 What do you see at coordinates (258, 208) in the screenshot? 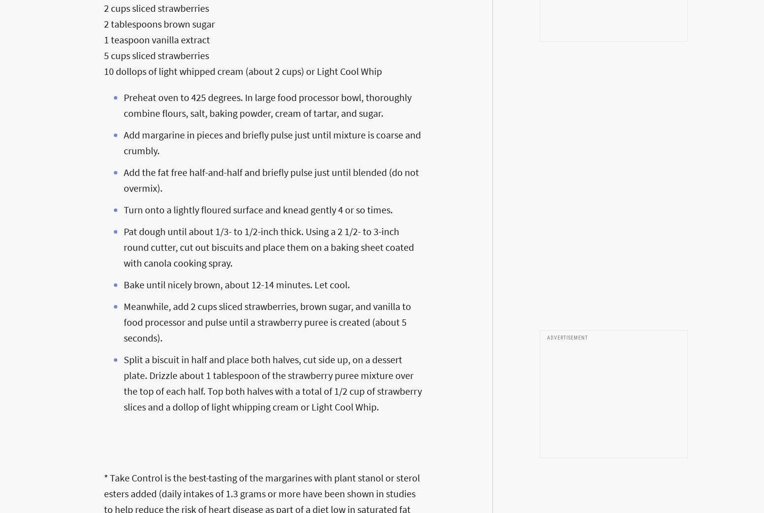
I see `'Turn onto a lightly floured surface and knead gently 4 or so times.'` at bounding box center [258, 208].